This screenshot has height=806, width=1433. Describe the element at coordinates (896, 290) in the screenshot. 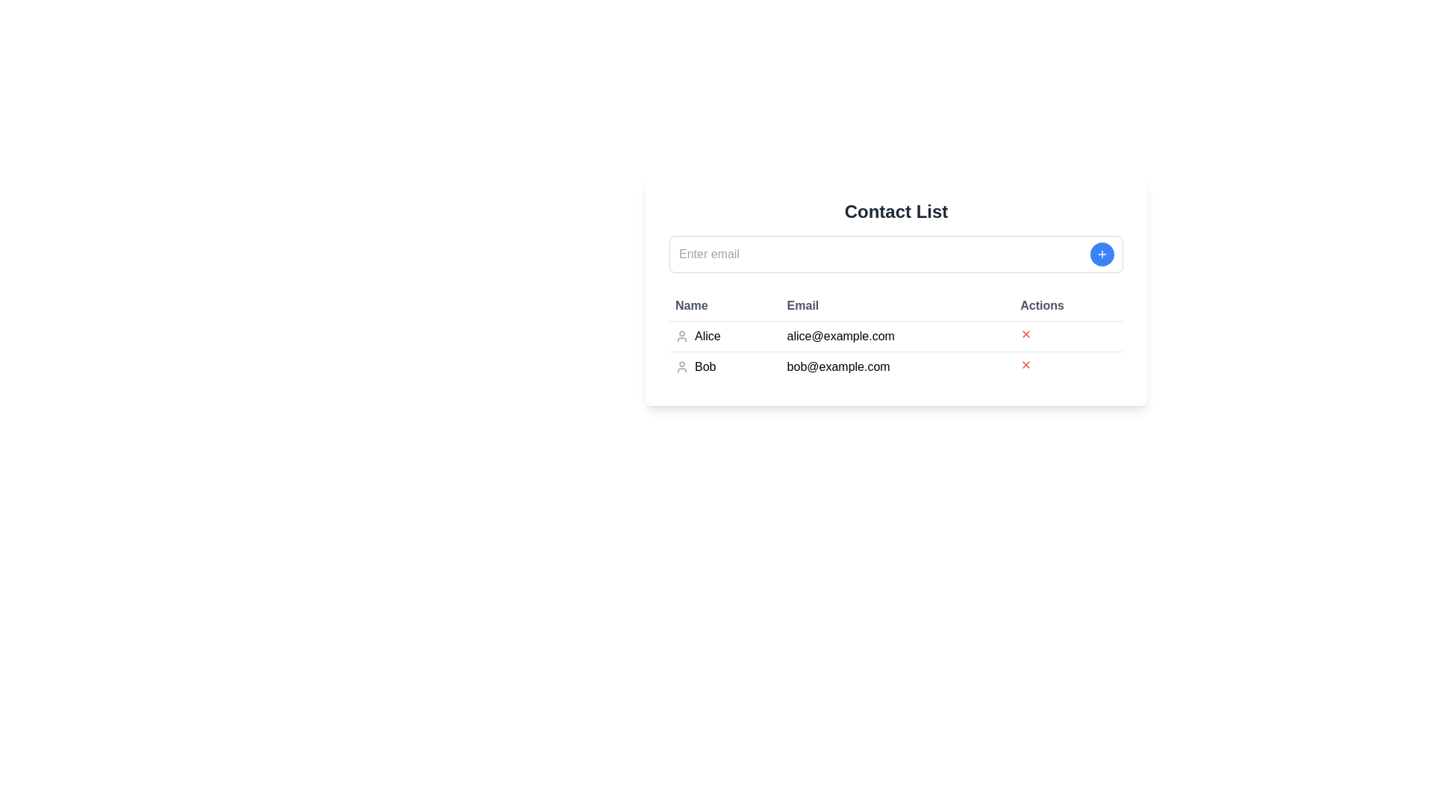

I see `the email entry in the 'Contact List' table section` at that location.